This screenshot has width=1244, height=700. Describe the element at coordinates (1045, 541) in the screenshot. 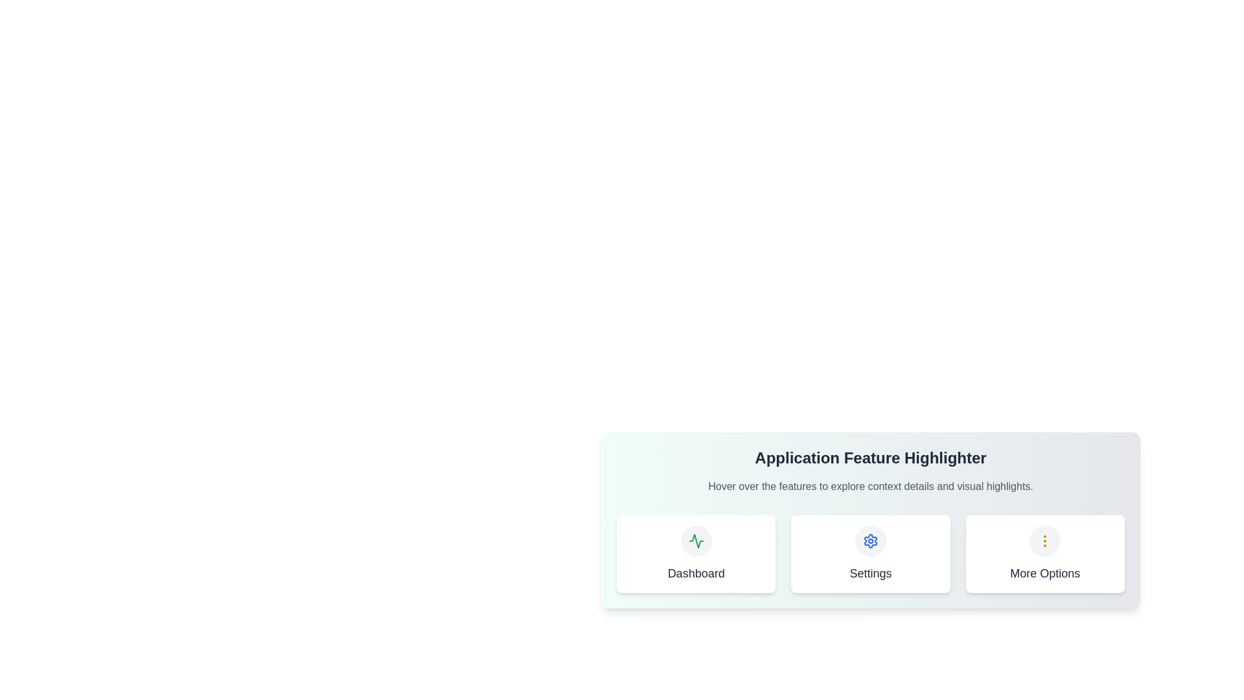

I see `the vertical ellipsis menu icon located inside the circular 'More Options' button at the bottom right of the interface` at that location.